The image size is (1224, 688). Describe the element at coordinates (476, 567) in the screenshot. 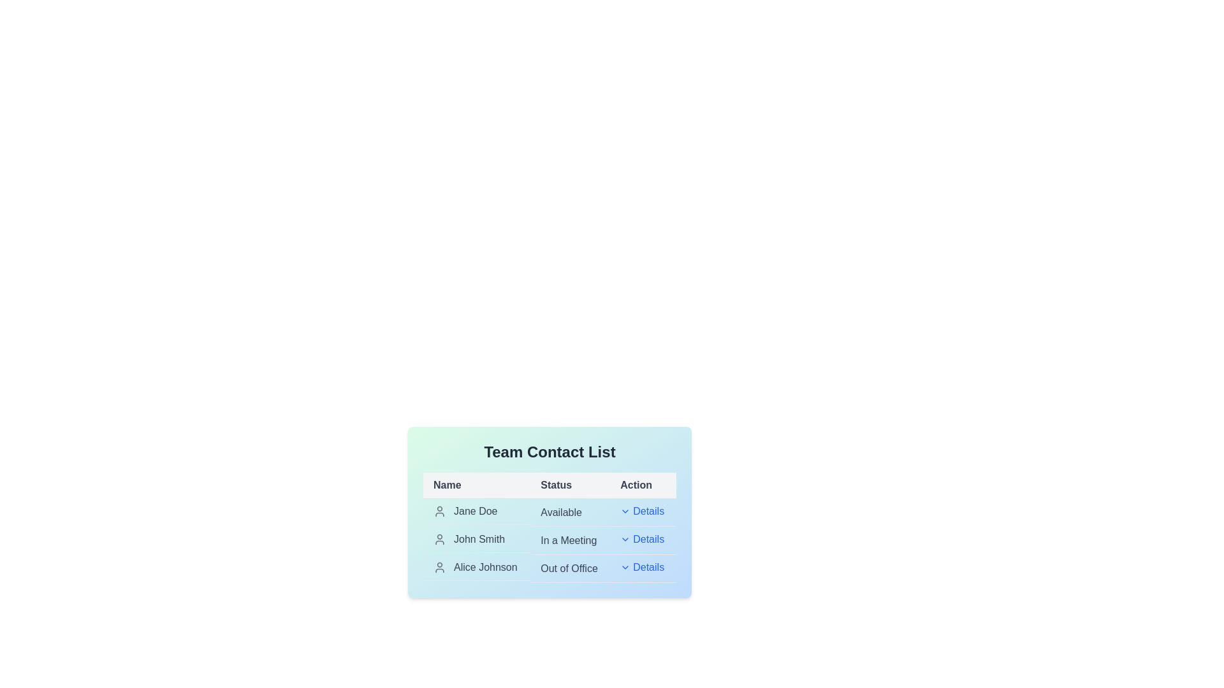

I see `the row corresponding to Alice Johnson to open the context menu` at that location.